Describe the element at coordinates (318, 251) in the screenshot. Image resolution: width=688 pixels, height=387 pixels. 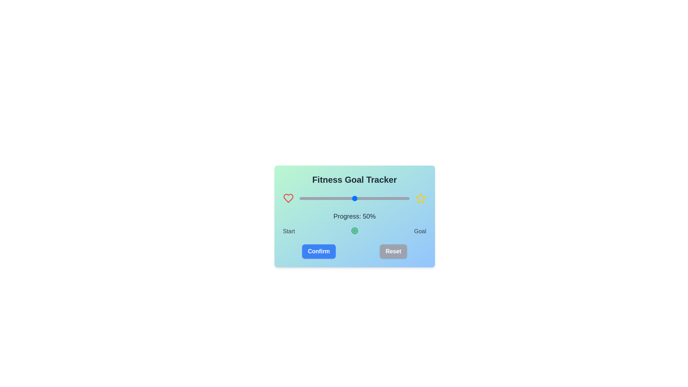
I see `the 'Confirm' button` at that location.